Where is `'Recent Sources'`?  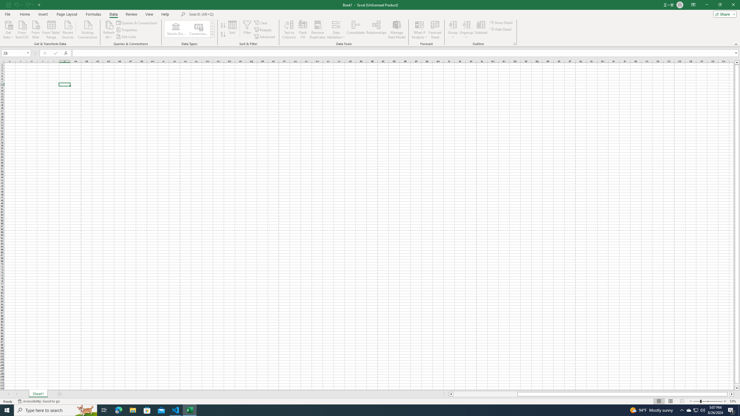
'Recent Sources' is located at coordinates (68, 29).